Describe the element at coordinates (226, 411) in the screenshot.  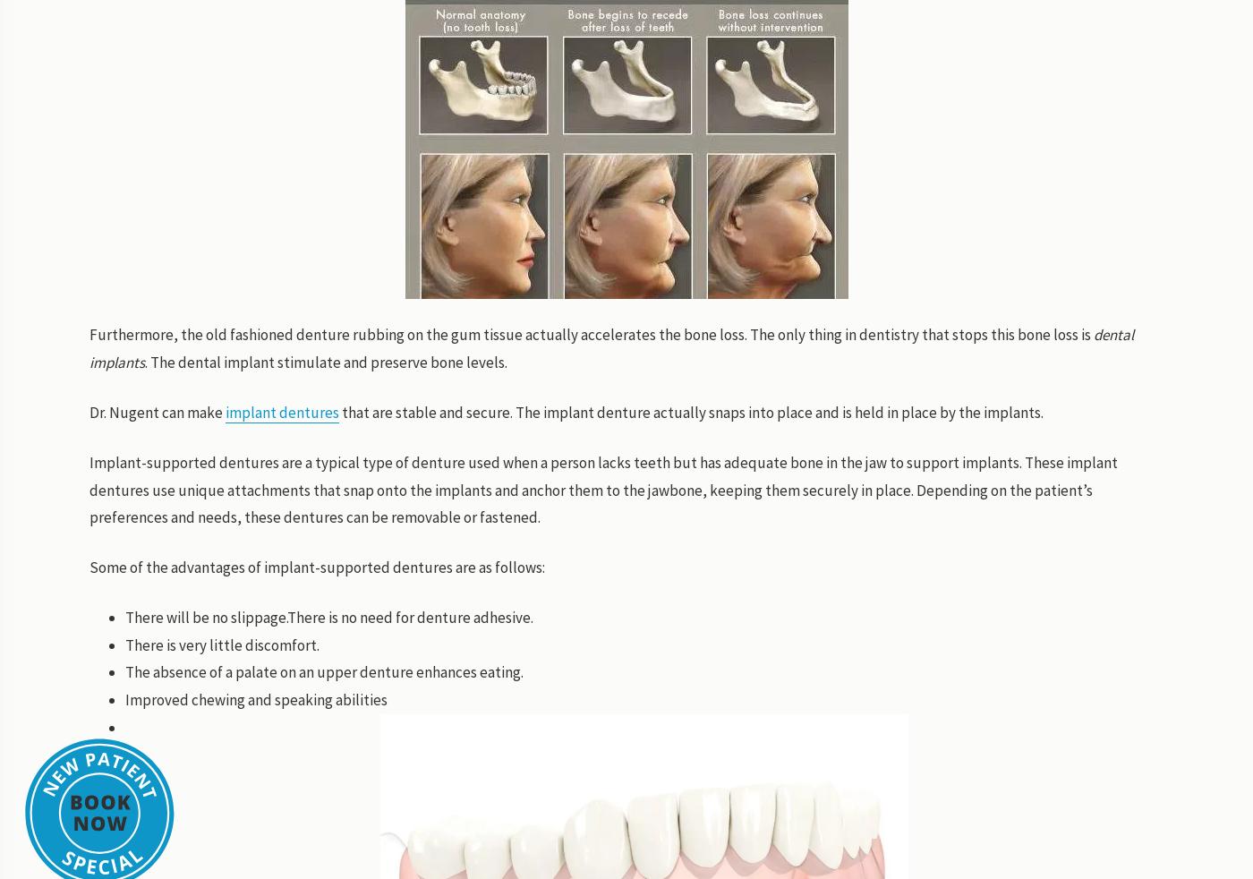
I see `'implant dentures'` at that location.